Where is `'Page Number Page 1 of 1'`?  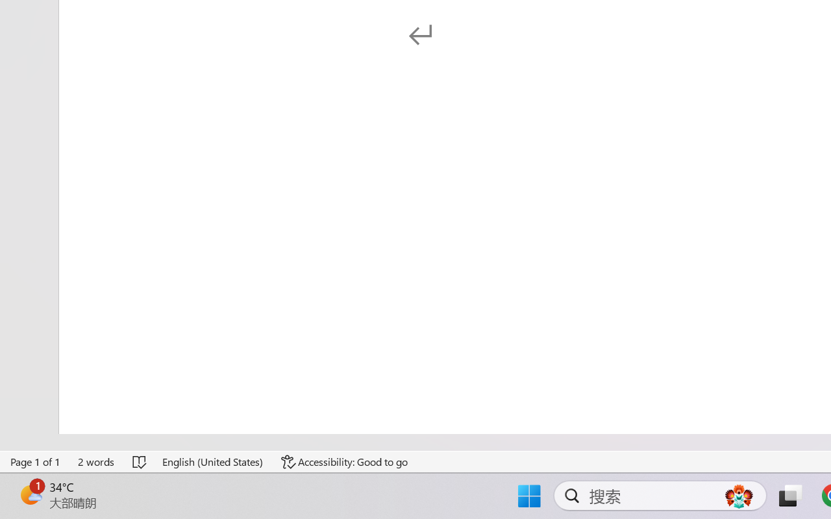
'Page Number Page 1 of 1' is located at coordinates (36, 461).